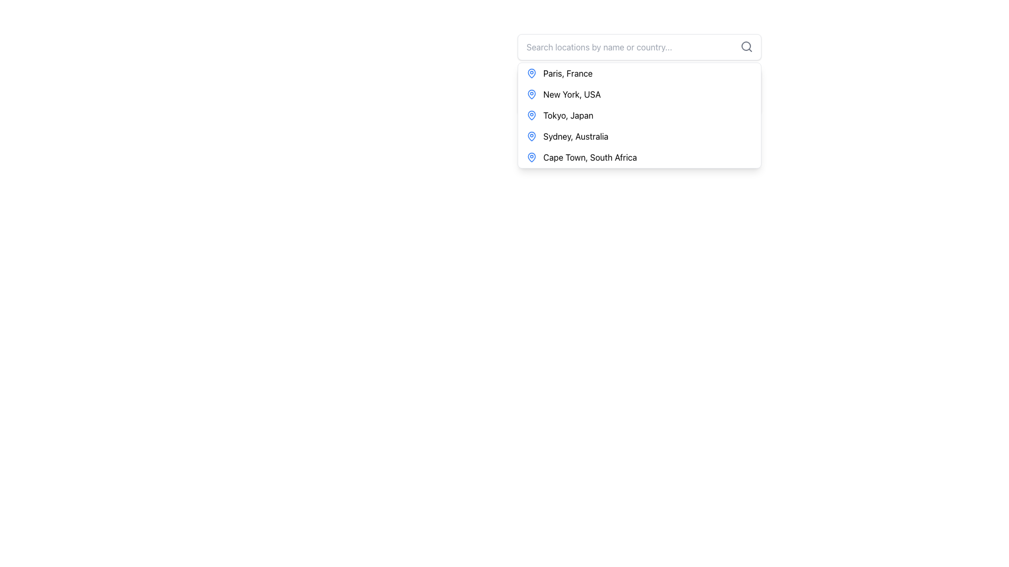 The width and height of the screenshot is (1009, 567). I want to click on the second item in the location selector list, which represents 'New York, USA', so click(639, 94).